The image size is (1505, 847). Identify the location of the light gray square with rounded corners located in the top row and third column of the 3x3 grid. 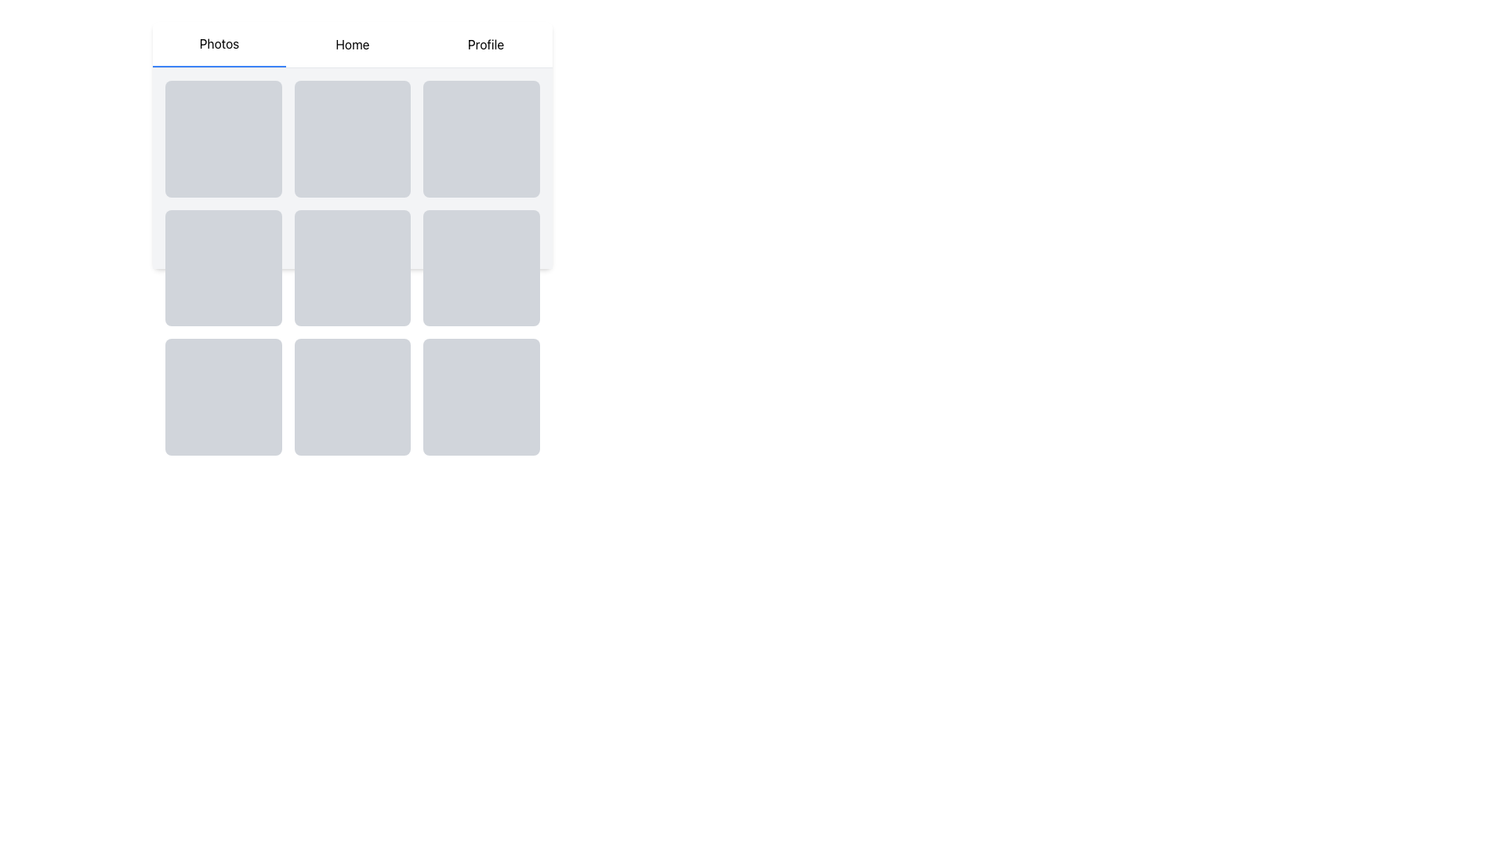
(481, 138).